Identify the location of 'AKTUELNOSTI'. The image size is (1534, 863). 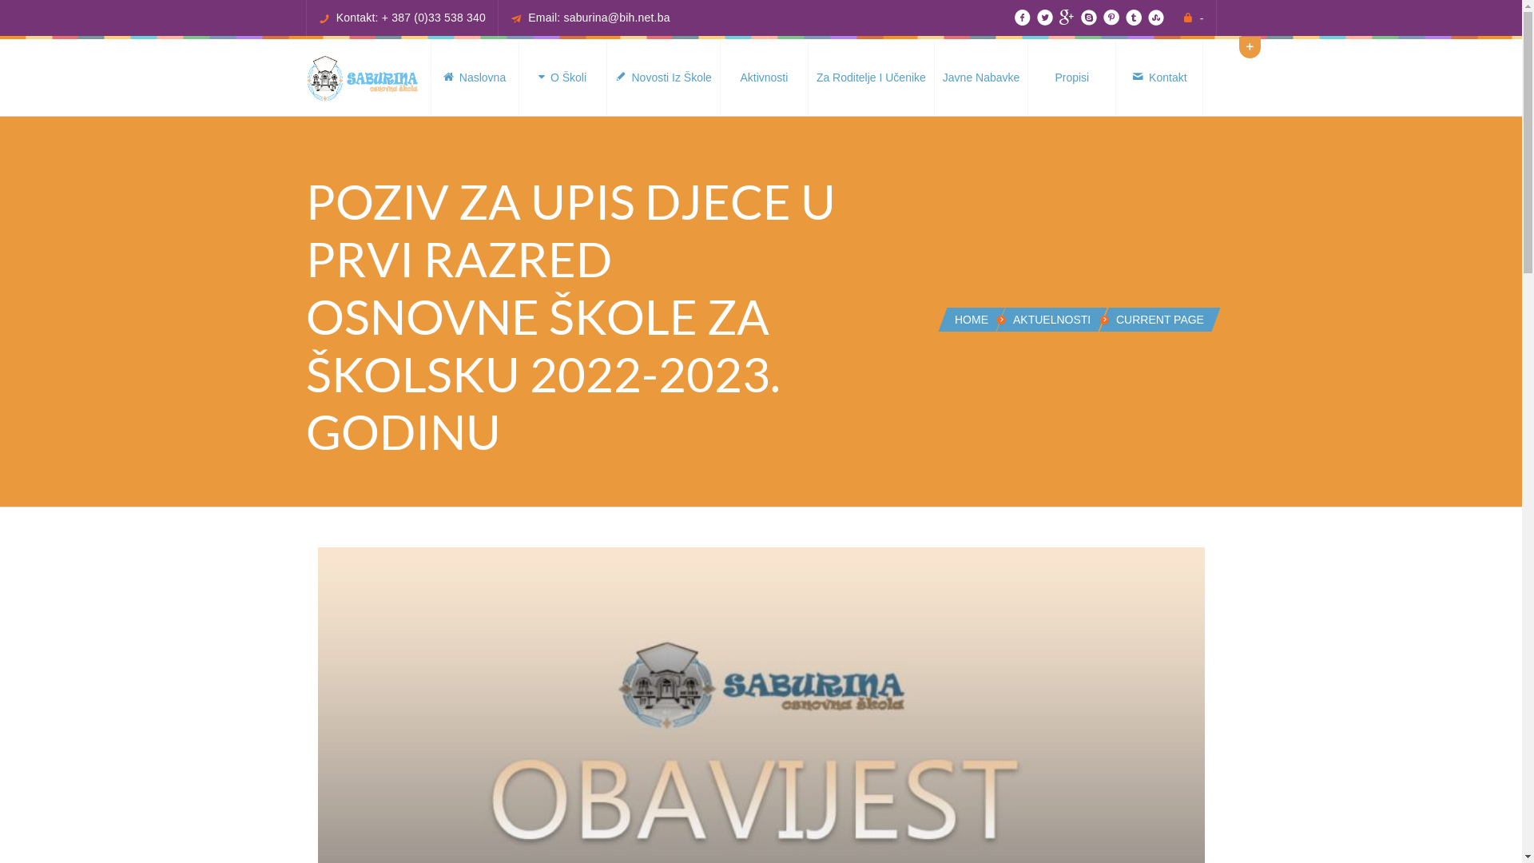
(1011, 320).